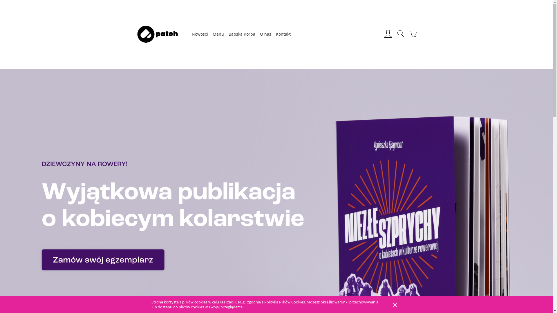 This screenshot has height=313, width=557. Describe the element at coordinates (218, 34) in the screenshot. I see `'Menu'` at that location.